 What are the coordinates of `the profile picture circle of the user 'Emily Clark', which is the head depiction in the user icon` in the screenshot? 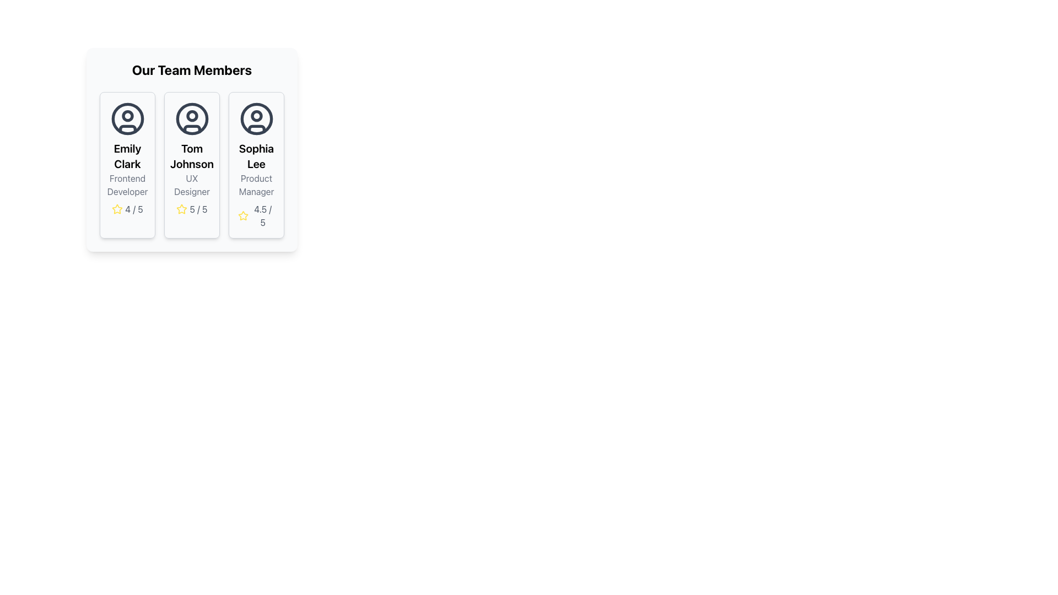 It's located at (127, 116).